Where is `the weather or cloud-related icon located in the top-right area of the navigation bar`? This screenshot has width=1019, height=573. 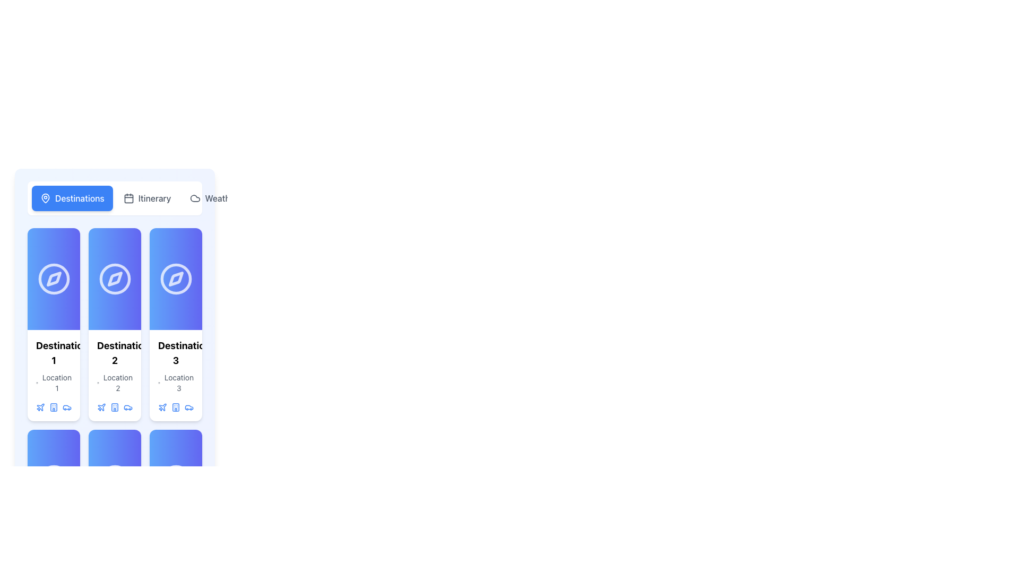 the weather or cloud-related icon located in the top-right area of the navigation bar is located at coordinates (195, 198).